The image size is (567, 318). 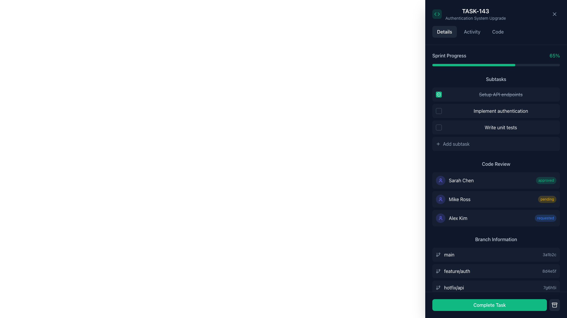 I want to click on the user avatar and text label displaying 'Sarah Chen' in the 'Code Review' section, which is the first item in the vertical list, so click(x=454, y=180).